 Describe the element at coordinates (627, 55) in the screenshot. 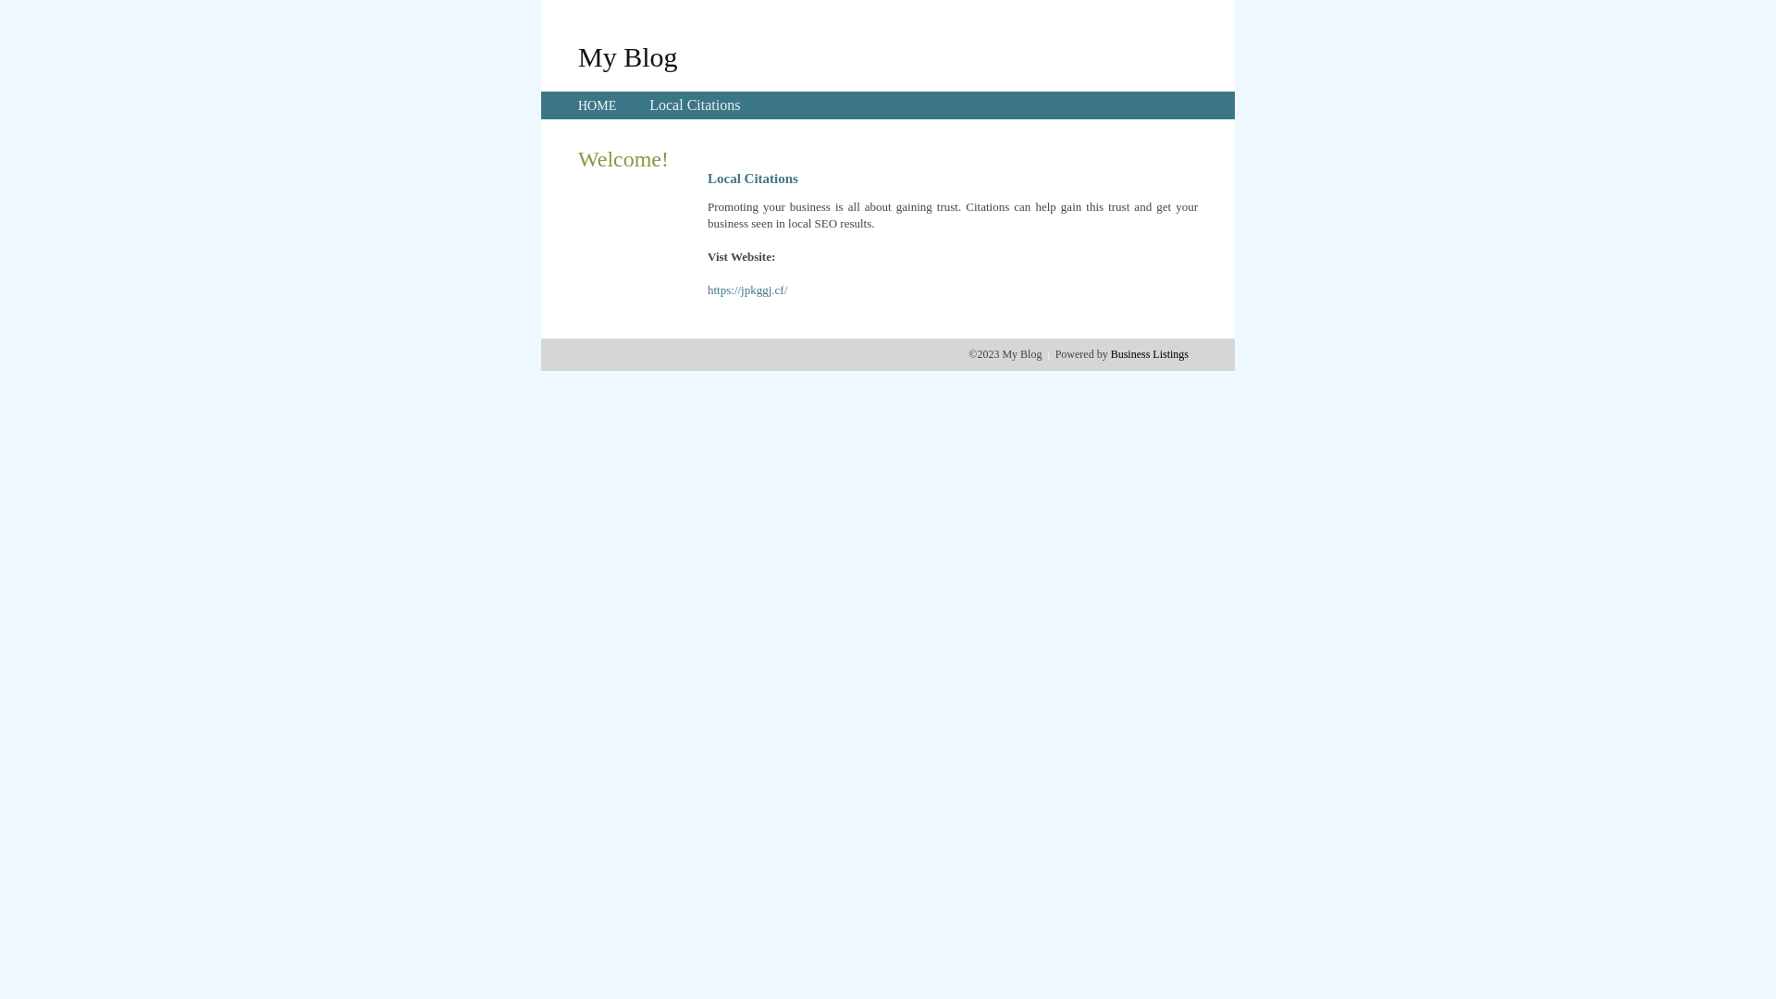

I see `'My Blog'` at that location.